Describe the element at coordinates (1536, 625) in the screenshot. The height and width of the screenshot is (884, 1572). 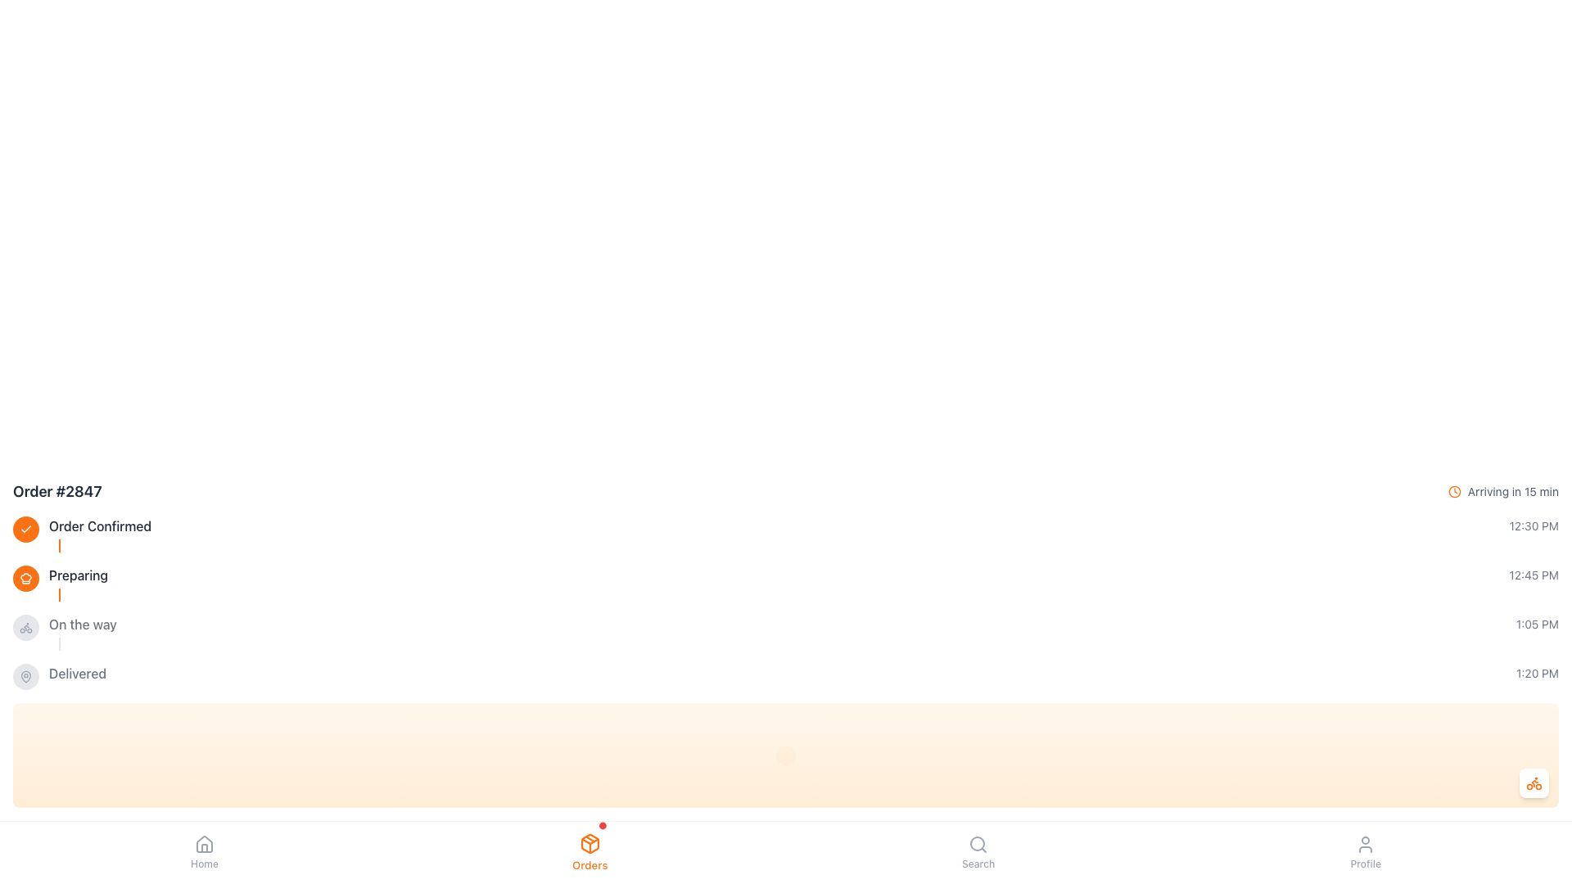
I see `the text element displaying '1:05 PM', which is a small gray timestamp located on the far right of a horizontal layout` at that location.